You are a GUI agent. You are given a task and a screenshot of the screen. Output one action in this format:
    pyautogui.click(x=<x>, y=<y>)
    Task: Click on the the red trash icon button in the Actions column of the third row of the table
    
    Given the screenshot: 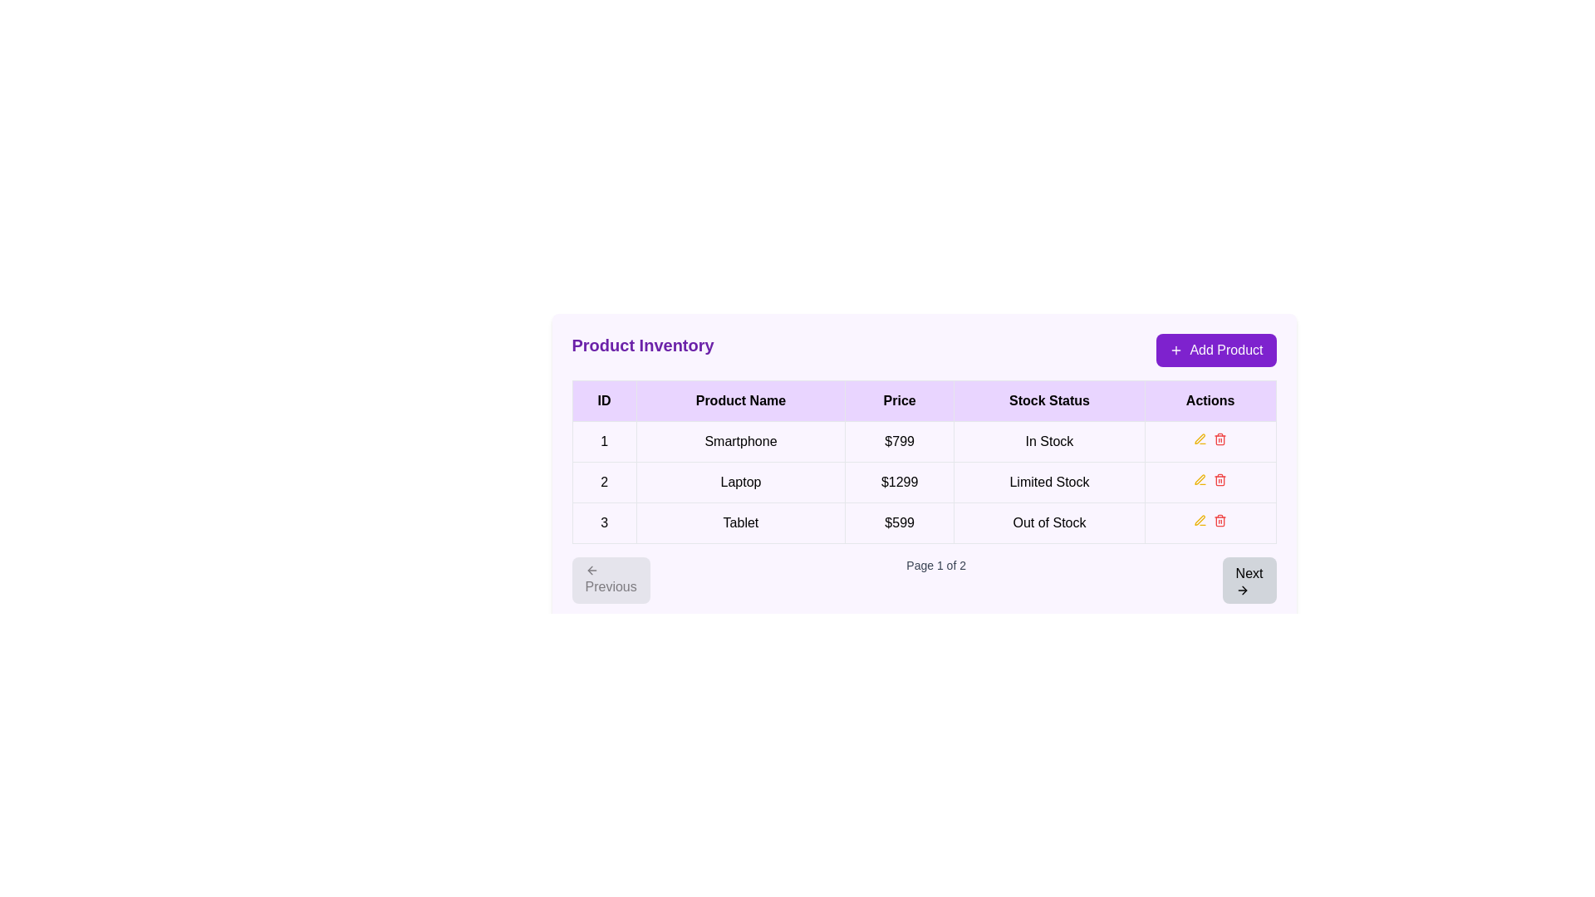 What is the action you would take?
    pyautogui.click(x=1220, y=438)
    